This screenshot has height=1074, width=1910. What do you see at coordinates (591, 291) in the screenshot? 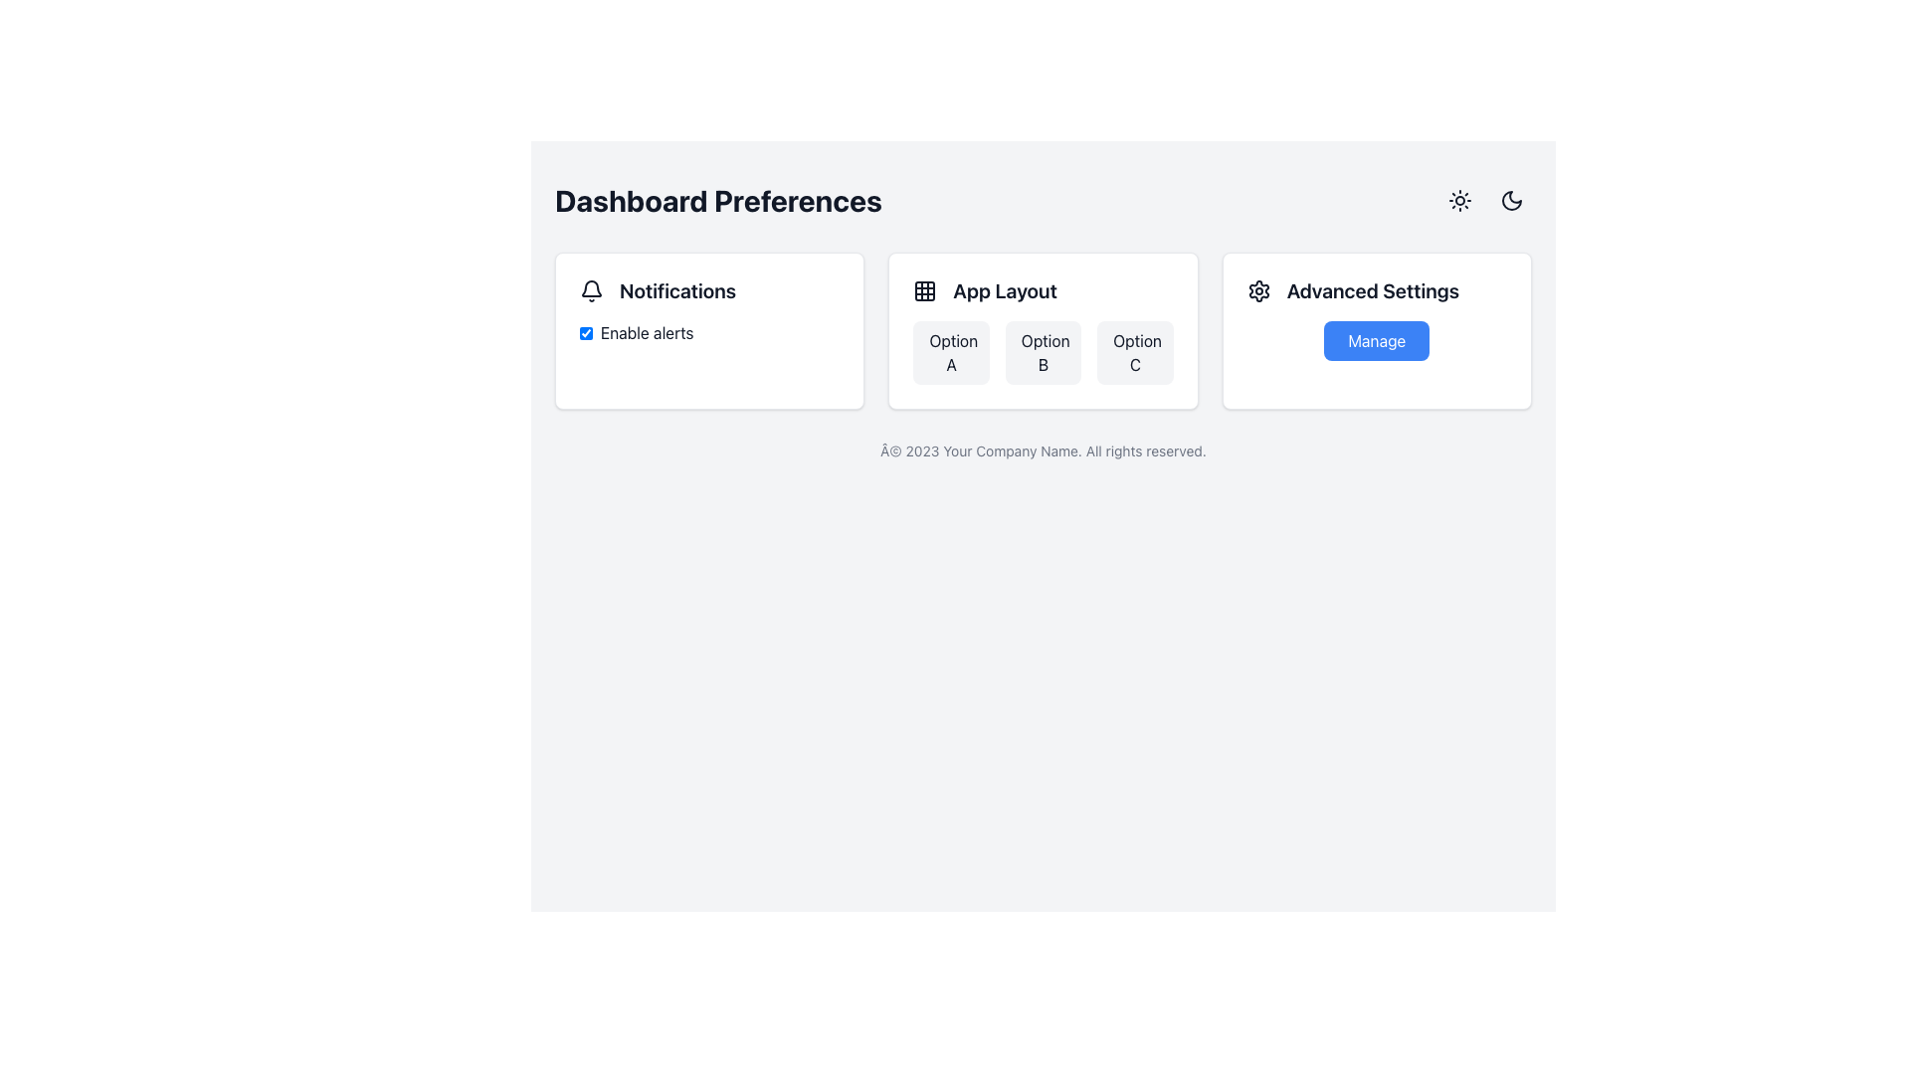
I see `the bell icon representing notifications, located in the 'Notifications' group on the leftmost card of the interface` at bounding box center [591, 291].